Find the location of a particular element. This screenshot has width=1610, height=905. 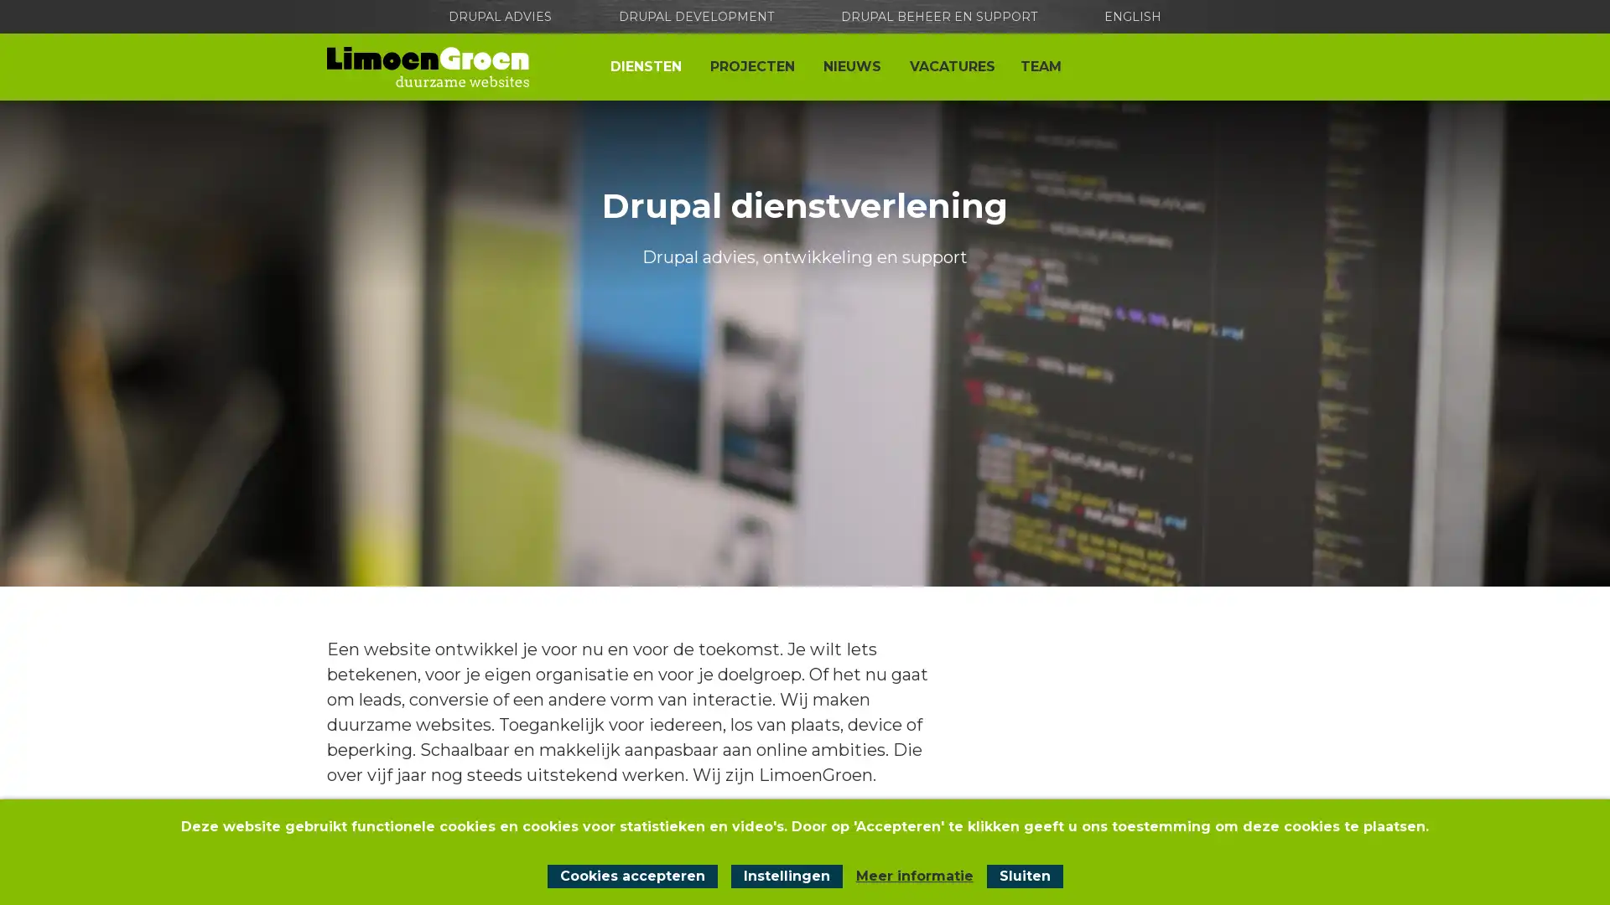

Sluit cookiemelding is located at coordinates (1023, 875).